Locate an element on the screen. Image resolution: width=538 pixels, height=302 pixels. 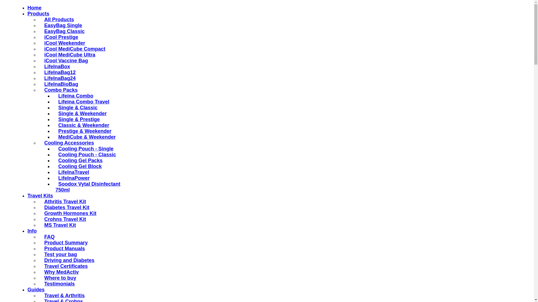
'Single & Weekender' is located at coordinates (81, 113).